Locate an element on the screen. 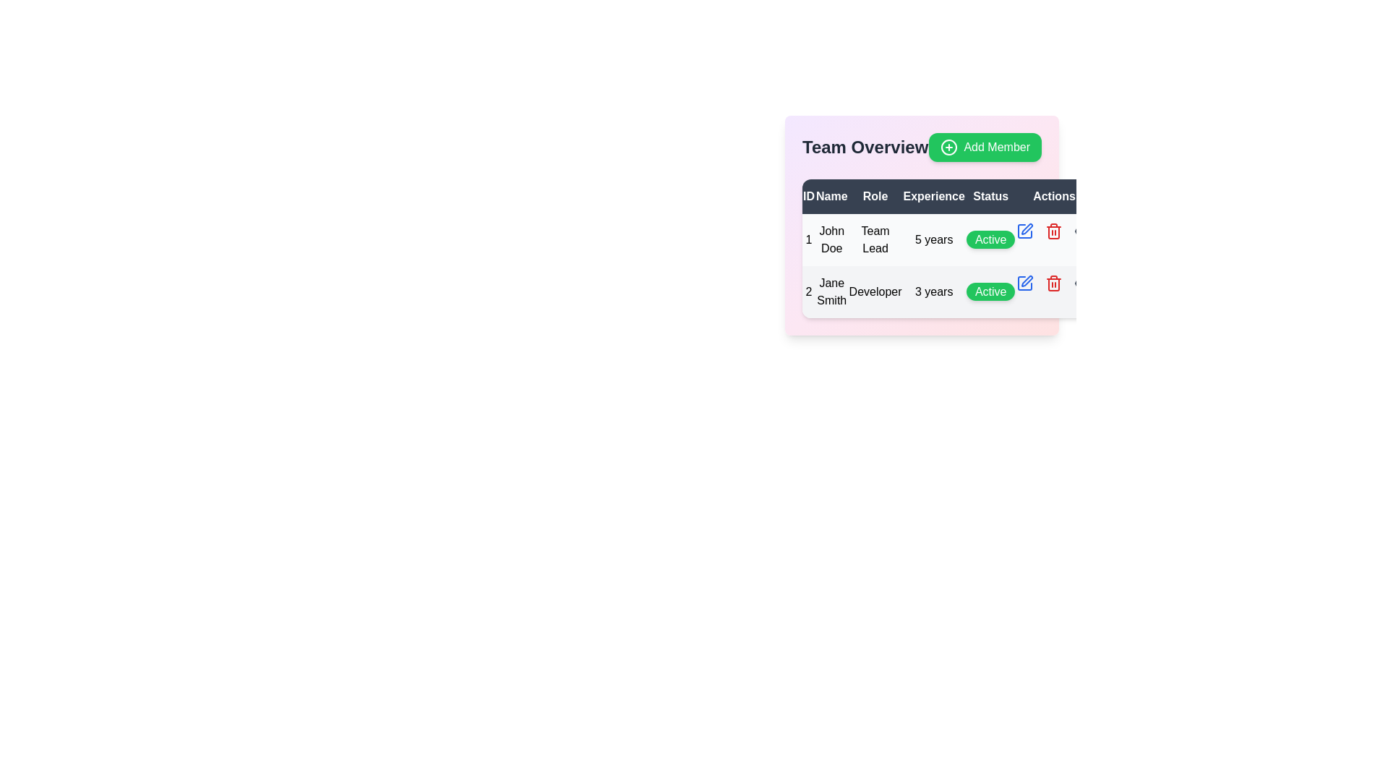 The image size is (1388, 781). the delete button located as the second icon in the 'Actions' column of the first row in the table is located at coordinates (1054, 283).